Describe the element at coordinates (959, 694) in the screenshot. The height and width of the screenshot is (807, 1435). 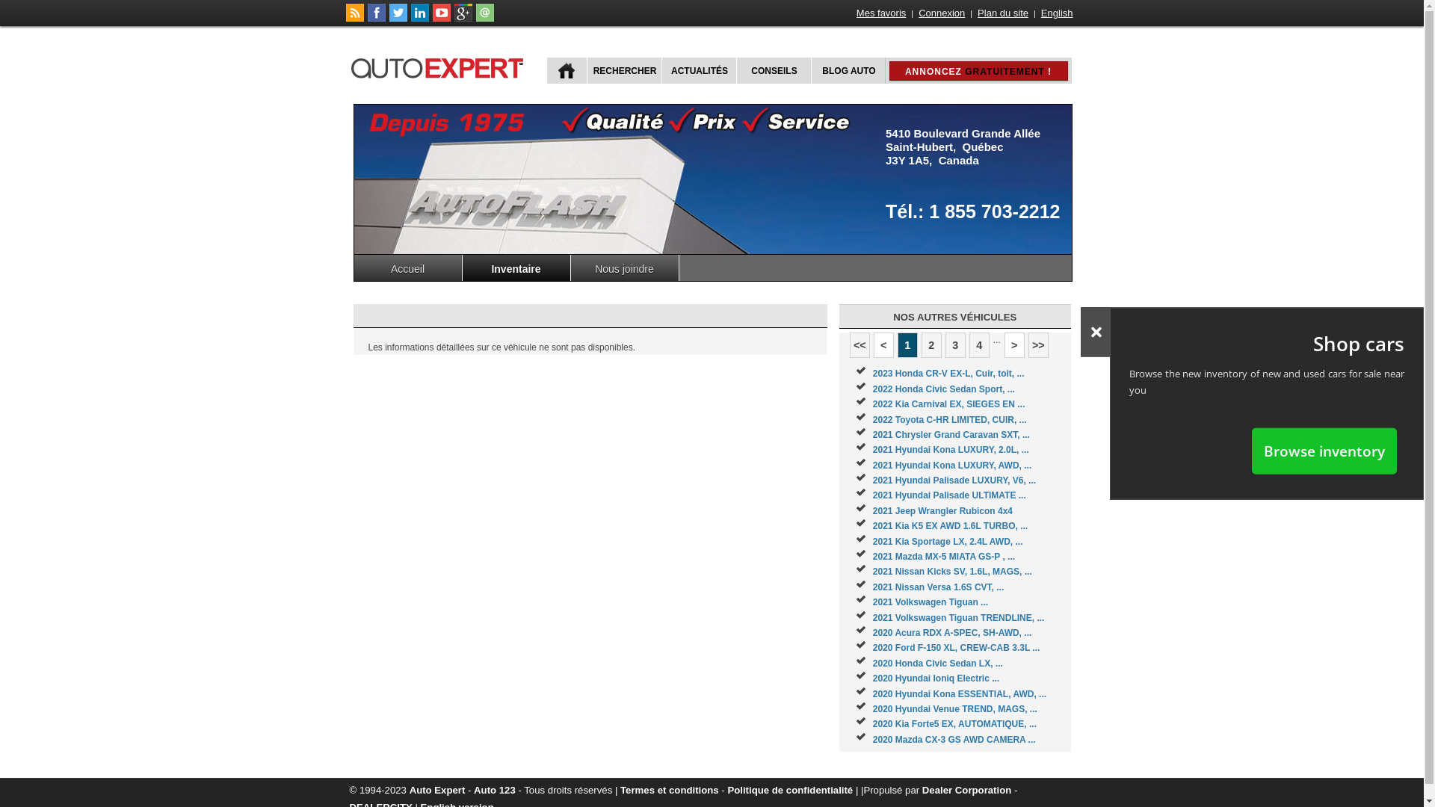
I see `'2020 Hyundai Kona ESSENTIAL, AWD, ...'` at that location.